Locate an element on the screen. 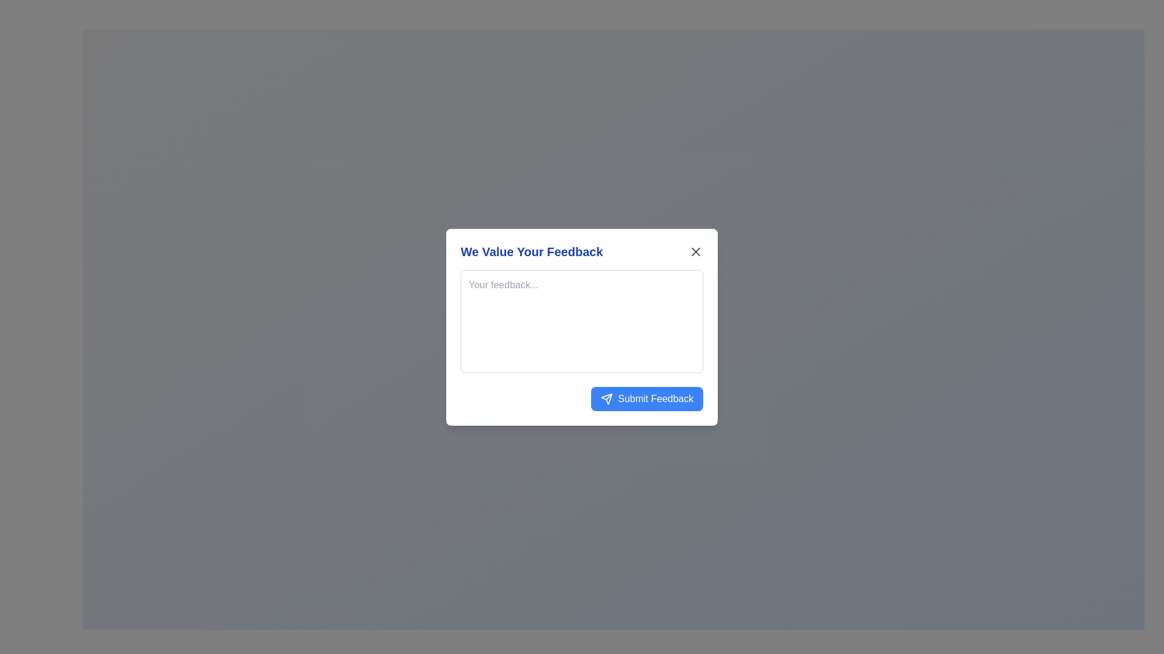 The image size is (1164, 654). the send icon, which is a triangular paper airplane icon located to the left of the 'Submit Feedback' button in the feedback submission dialog box is located at coordinates (607, 398).